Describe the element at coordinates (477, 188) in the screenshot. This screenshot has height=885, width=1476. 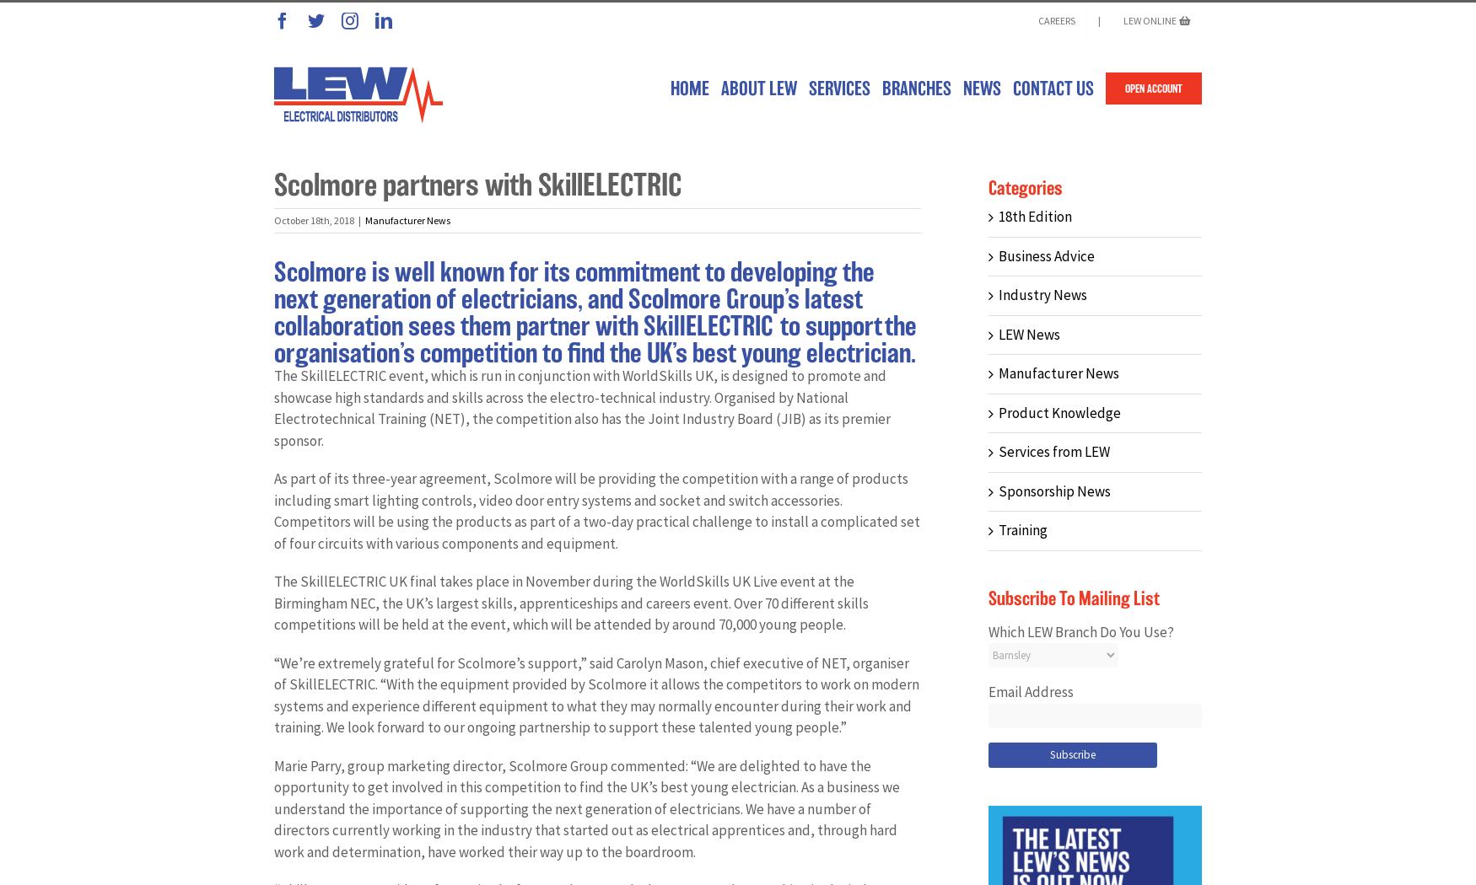
I see `'Scolmore partners with SkillELECTRIC'` at that location.